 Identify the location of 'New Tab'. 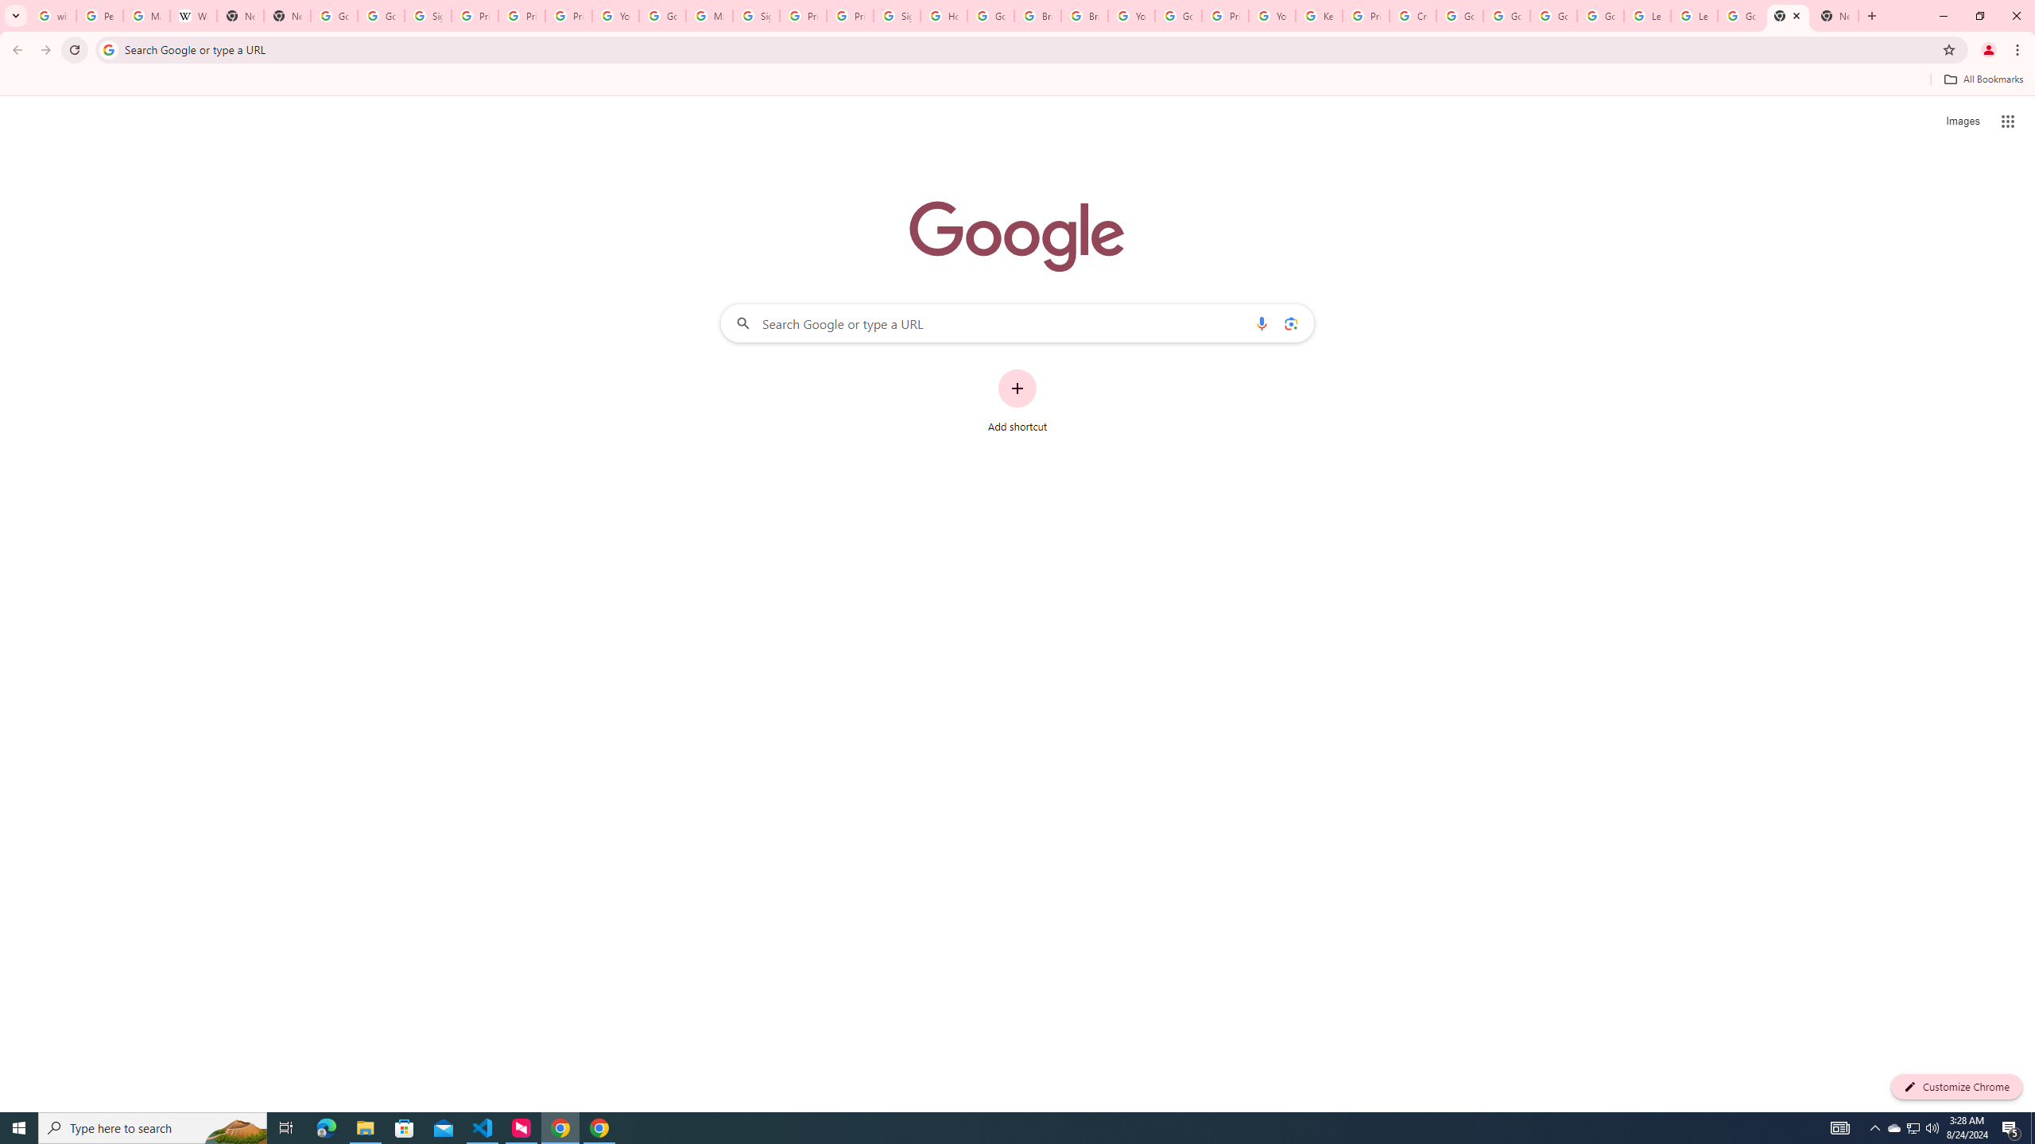
(1835, 15).